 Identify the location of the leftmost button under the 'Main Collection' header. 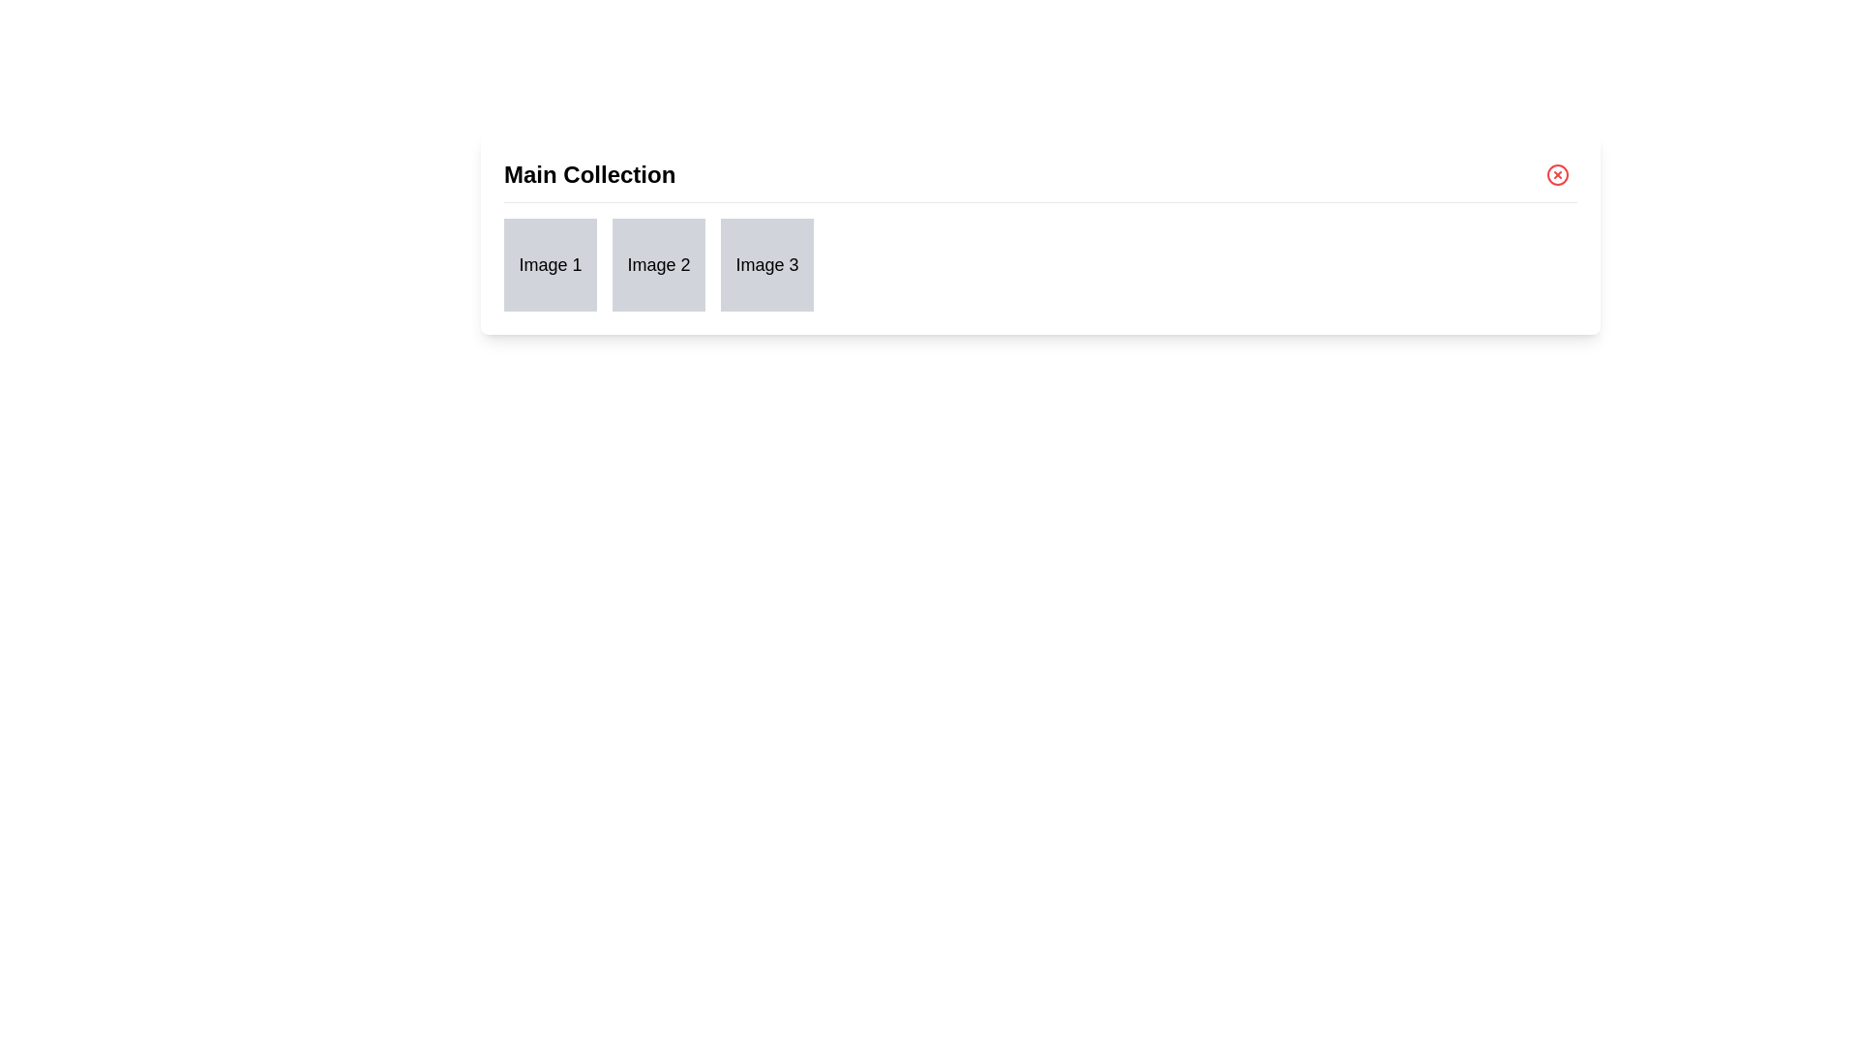
(550, 264).